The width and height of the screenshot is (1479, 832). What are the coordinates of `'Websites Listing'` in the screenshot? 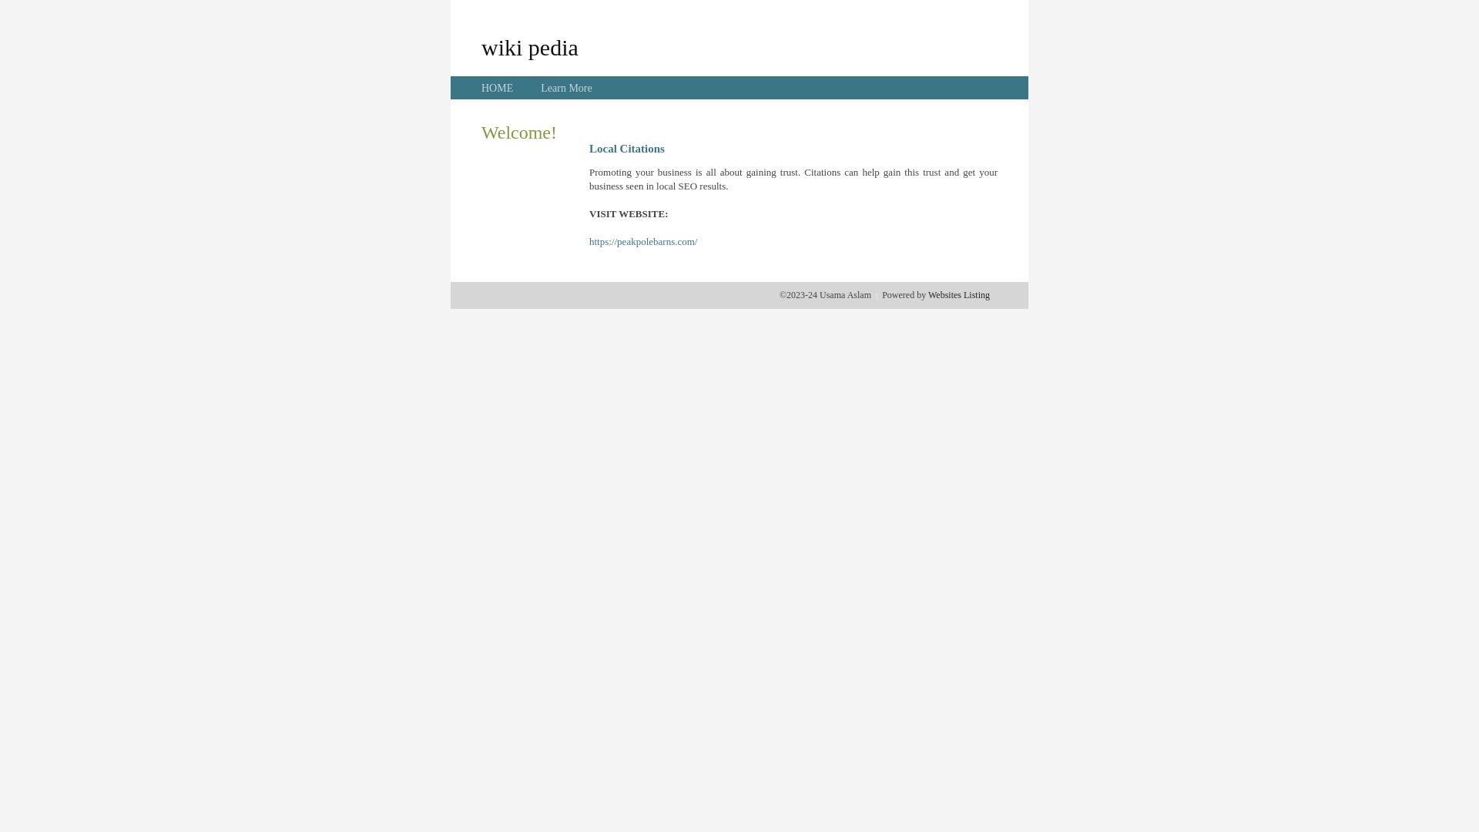 It's located at (957, 294).